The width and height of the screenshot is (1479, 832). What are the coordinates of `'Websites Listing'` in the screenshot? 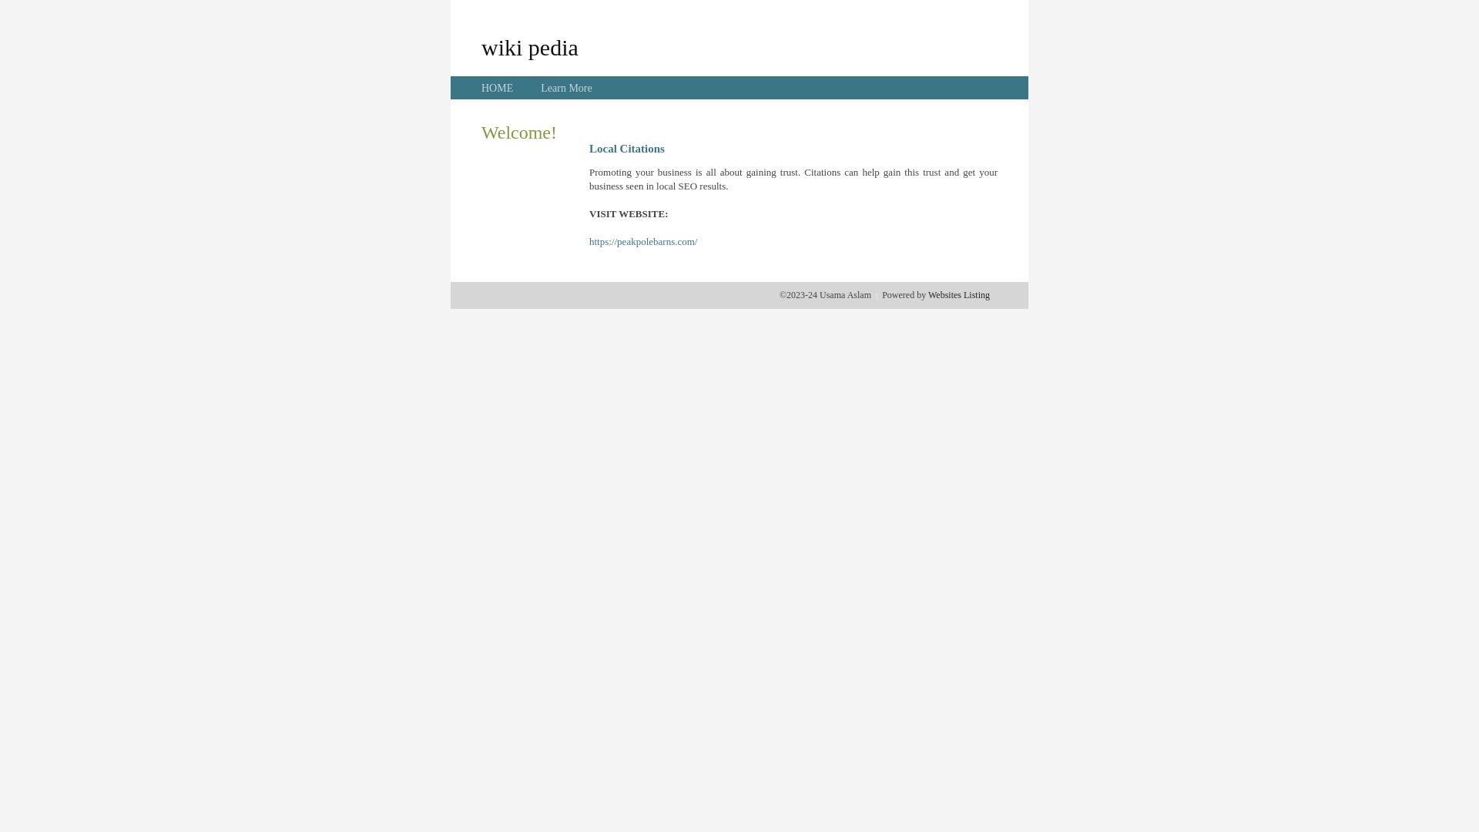 It's located at (957, 294).